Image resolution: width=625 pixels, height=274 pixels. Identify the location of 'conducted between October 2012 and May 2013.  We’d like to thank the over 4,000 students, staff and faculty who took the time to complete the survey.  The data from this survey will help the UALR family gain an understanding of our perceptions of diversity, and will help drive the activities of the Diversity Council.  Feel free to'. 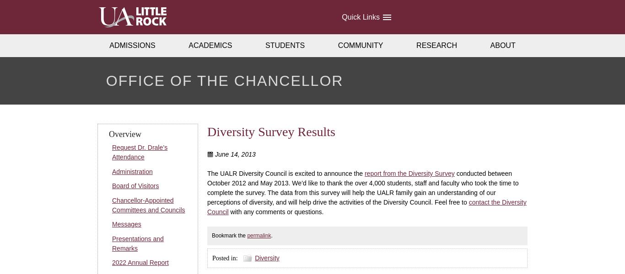
(362, 187).